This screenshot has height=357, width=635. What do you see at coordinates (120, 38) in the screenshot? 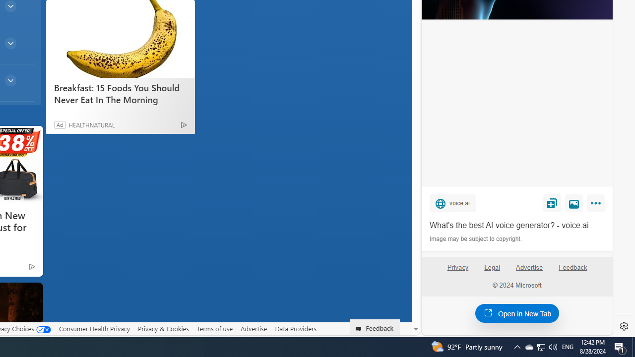
I see `'Breakfast: 15 Foods You Should Never Eat In The Morning'` at bounding box center [120, 38].